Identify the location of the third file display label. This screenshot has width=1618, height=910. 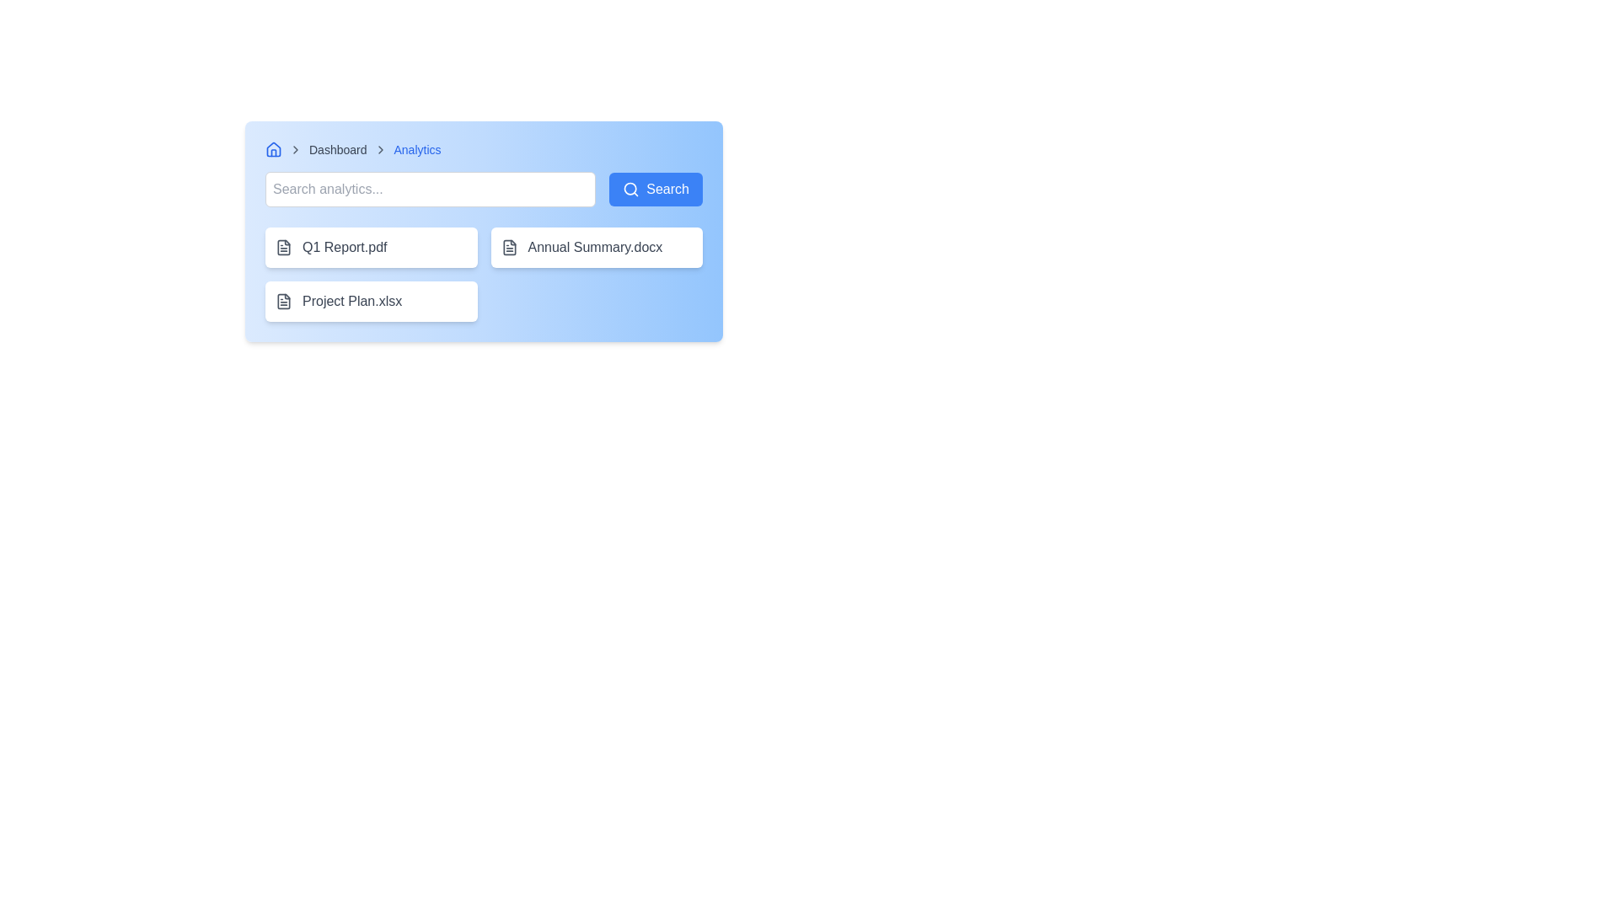
(351, 301).